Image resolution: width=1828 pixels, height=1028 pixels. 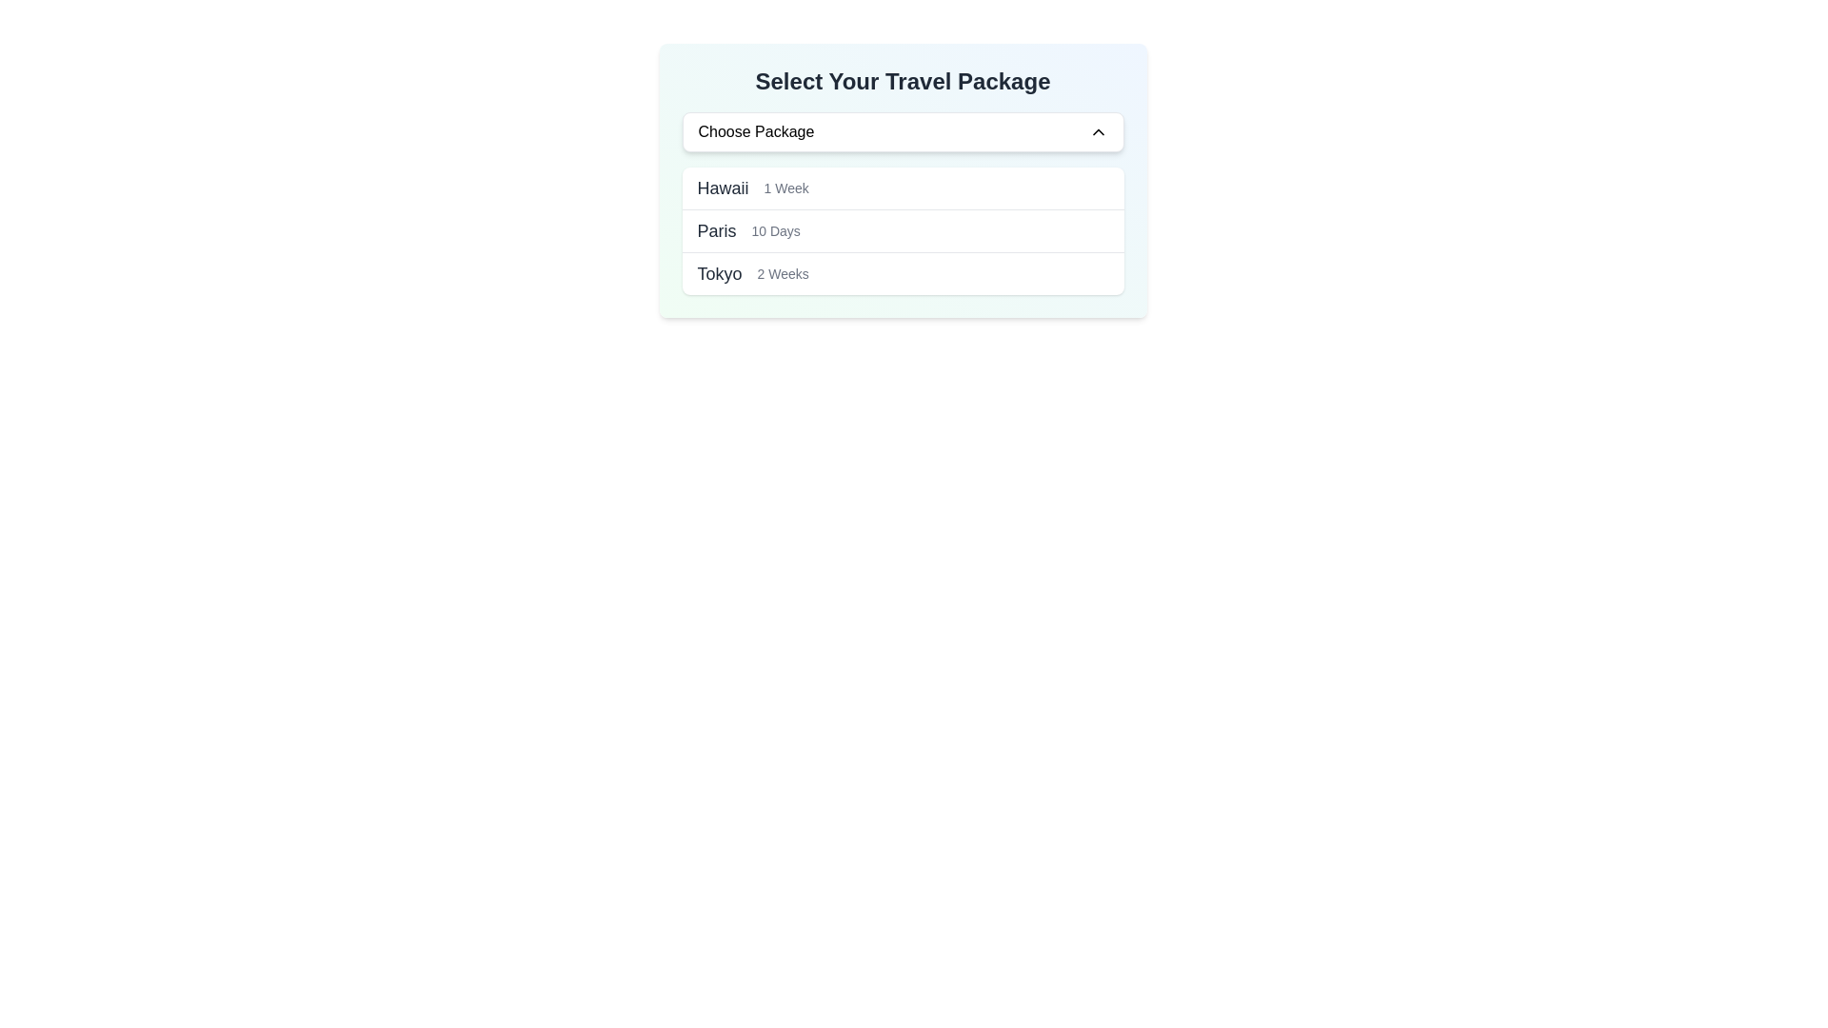 I want to click on an option from the dropdown menu labeled 'Choose Package' in the UI component titled 'Select Your Travel Package', so click(x=902, y=180).